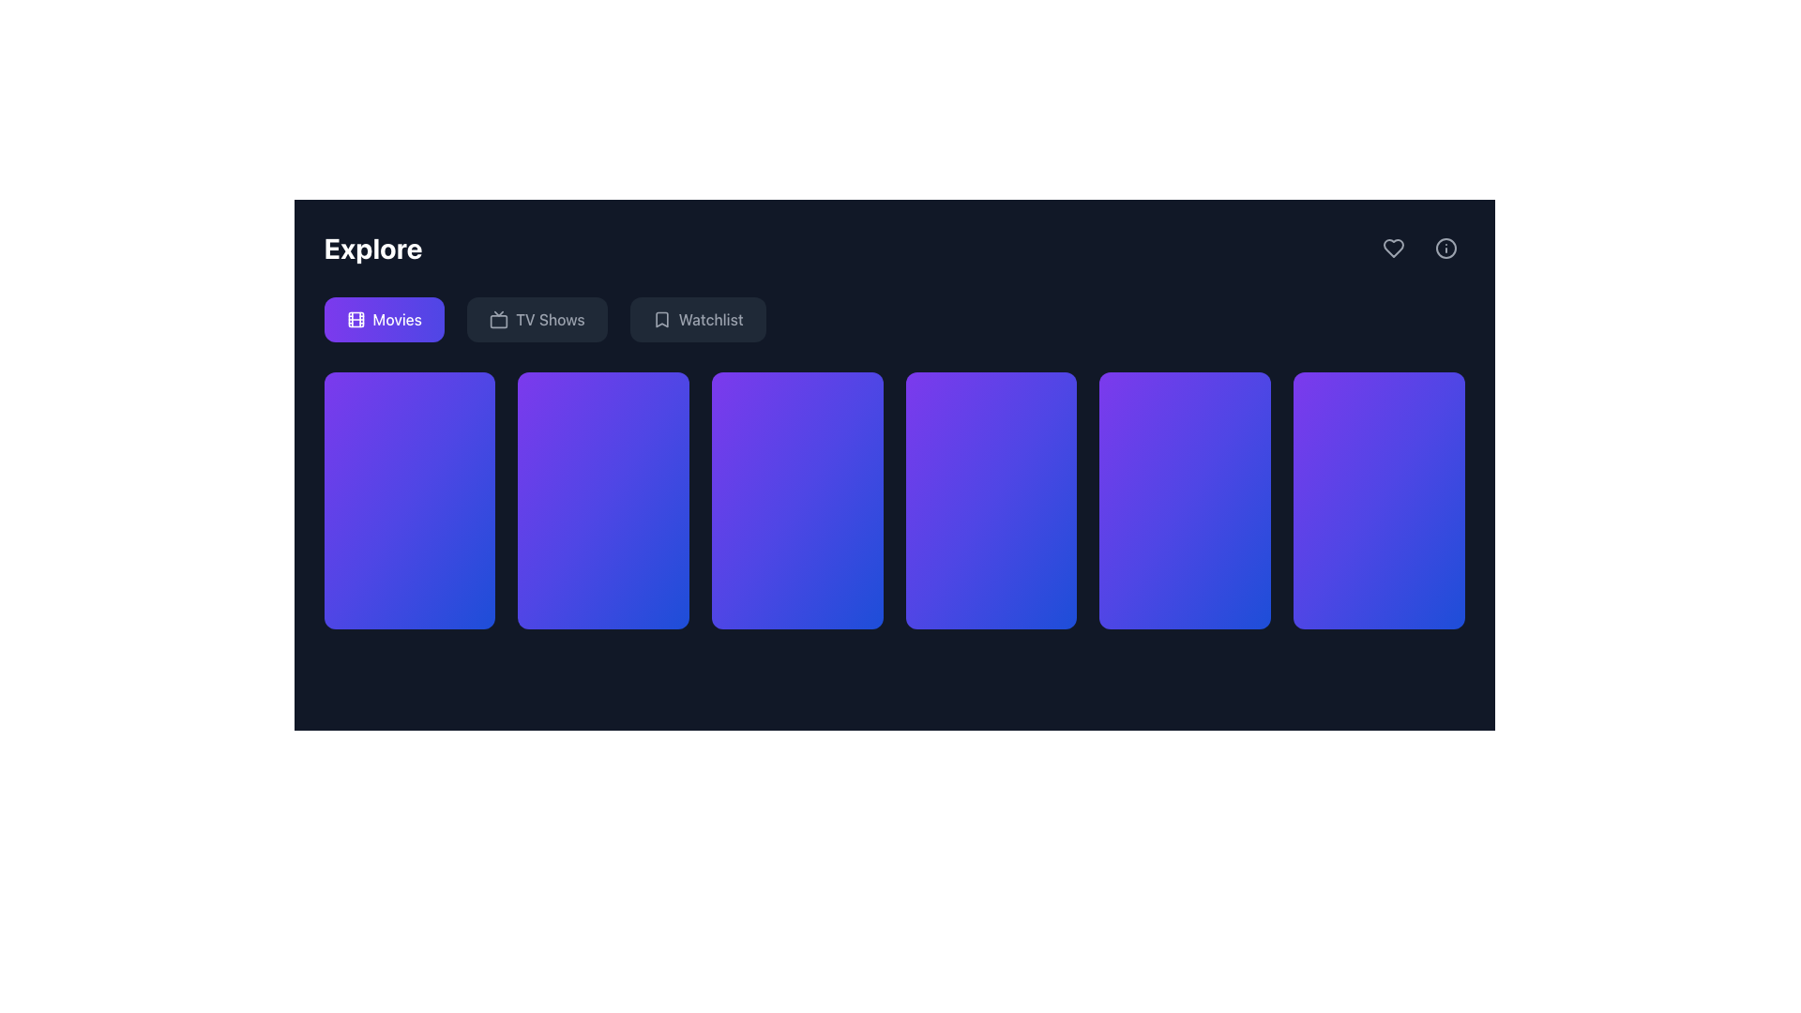  Describe the element at coordinates (549, 318) in the screenshot. I see `the 'TV Shows' label in the navigation bar` at that location.